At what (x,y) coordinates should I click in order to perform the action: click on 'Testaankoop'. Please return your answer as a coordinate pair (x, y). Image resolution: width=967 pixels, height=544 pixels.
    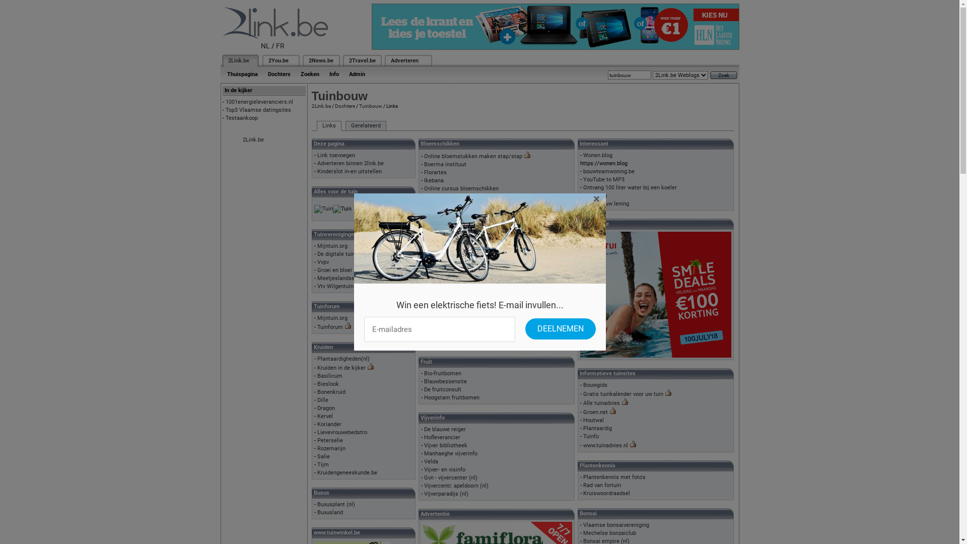
    Looking at the image, I should click on (225, 117).